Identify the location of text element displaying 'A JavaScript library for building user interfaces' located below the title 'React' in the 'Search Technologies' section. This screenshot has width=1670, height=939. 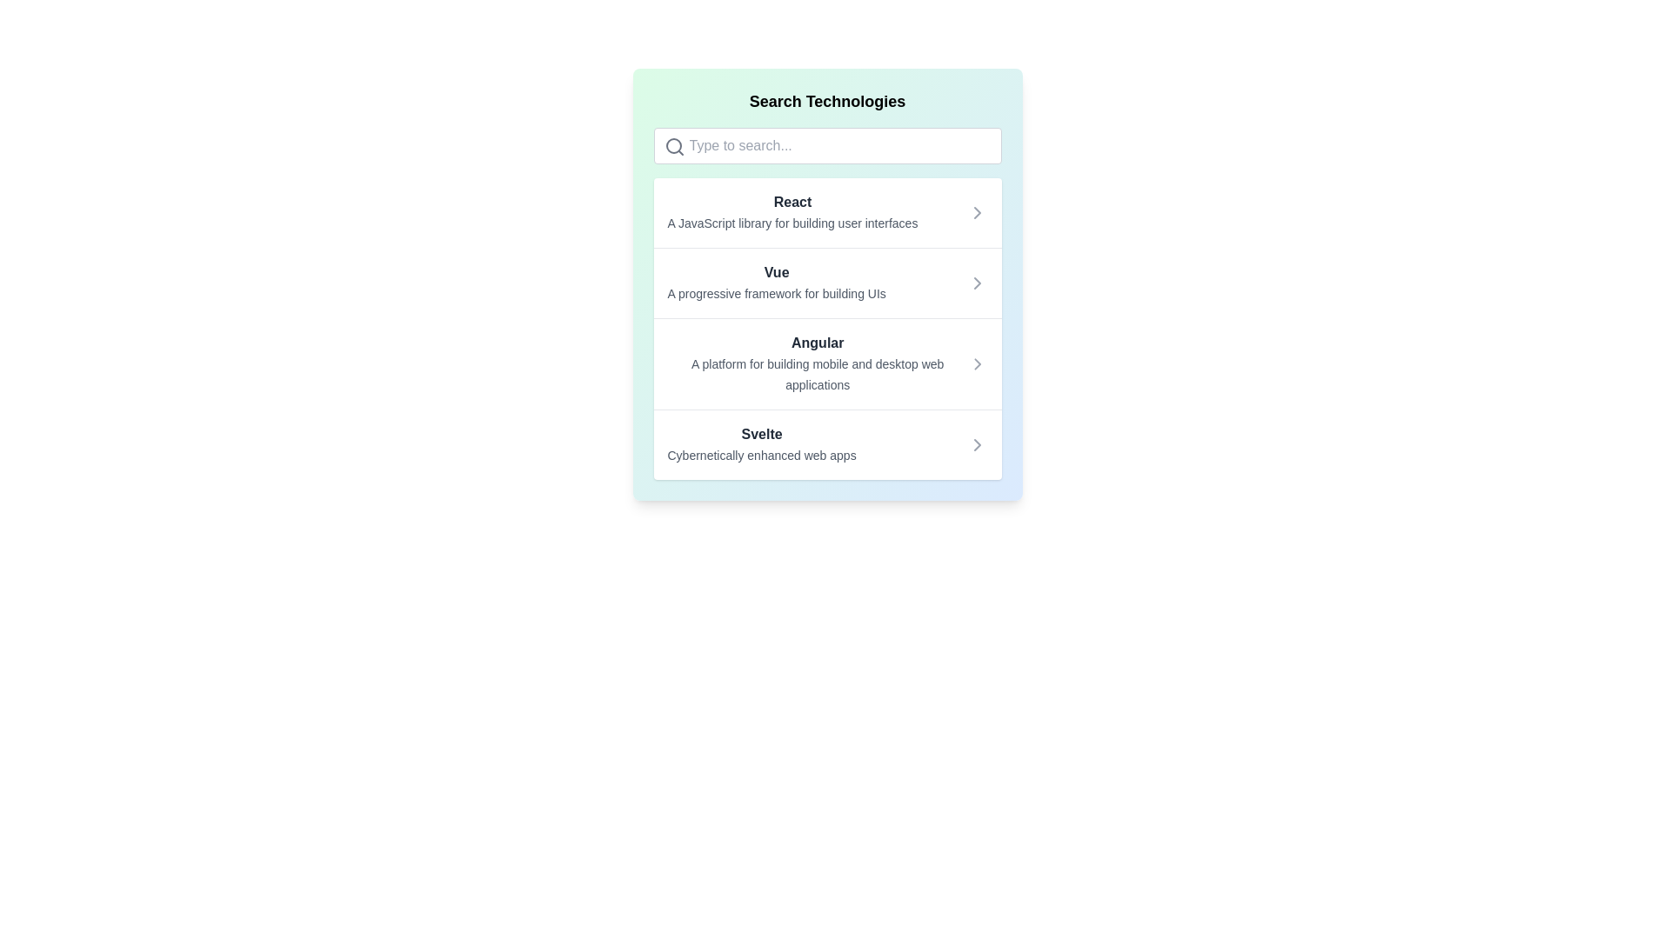
(792, 223).